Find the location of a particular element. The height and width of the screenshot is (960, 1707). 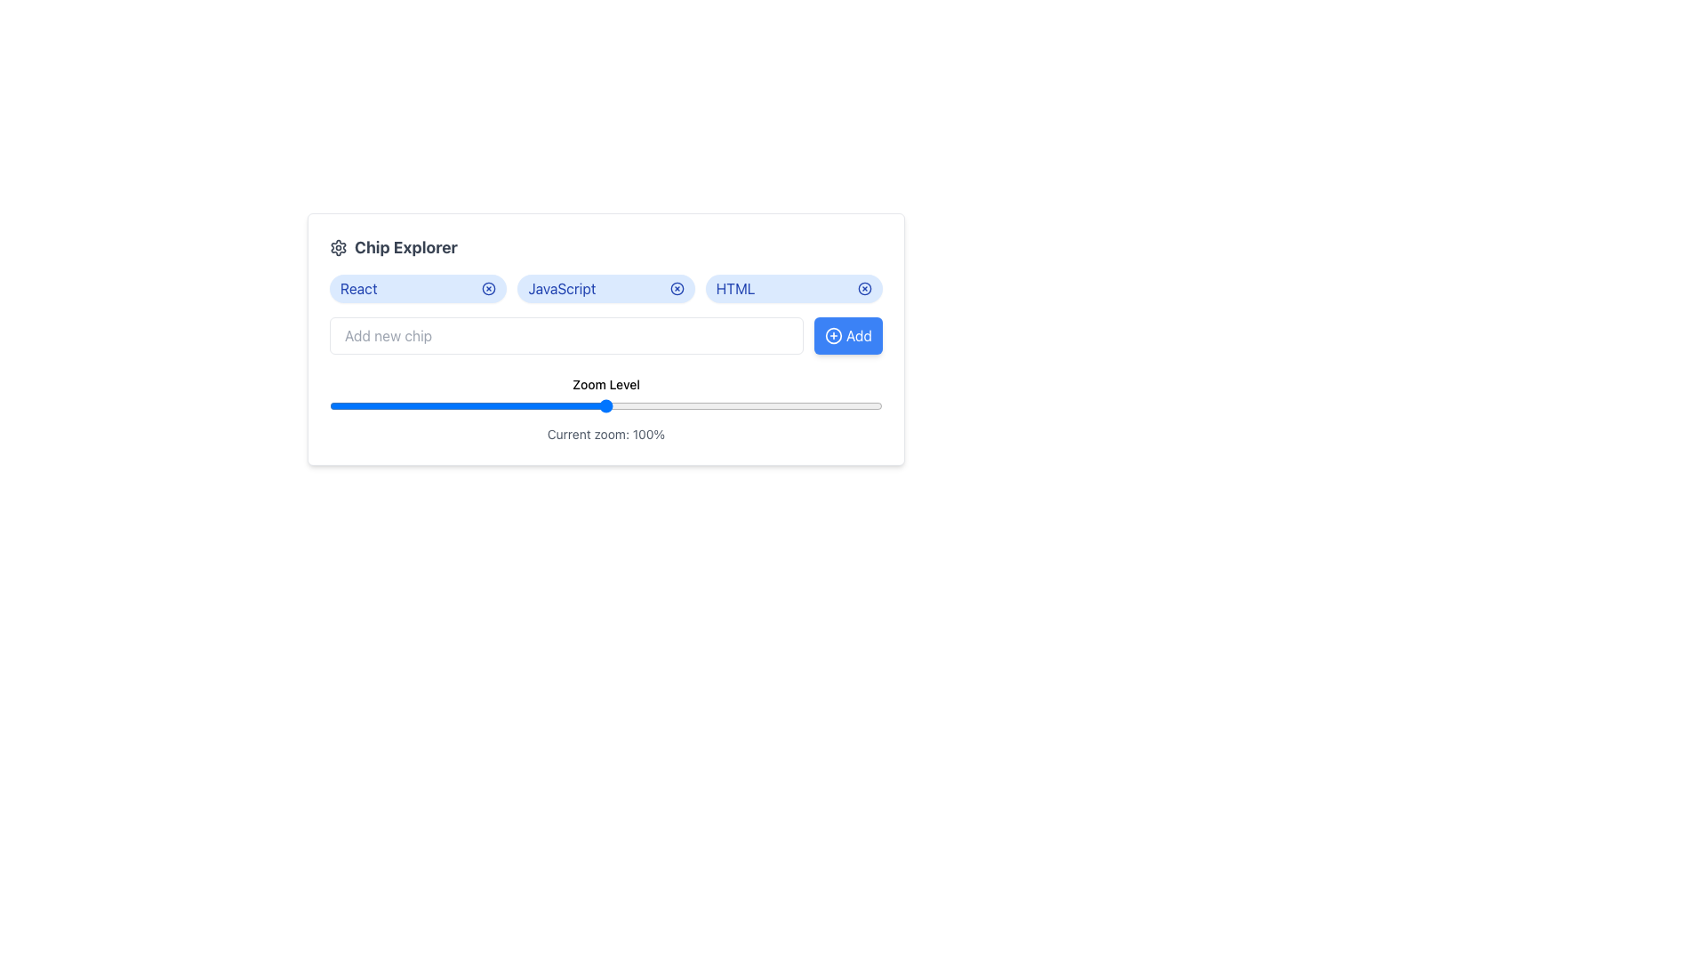

the blue circular indicator located between the 'JavaScript' and 'HTML' labels in the header is located at coordinates (676, 287).